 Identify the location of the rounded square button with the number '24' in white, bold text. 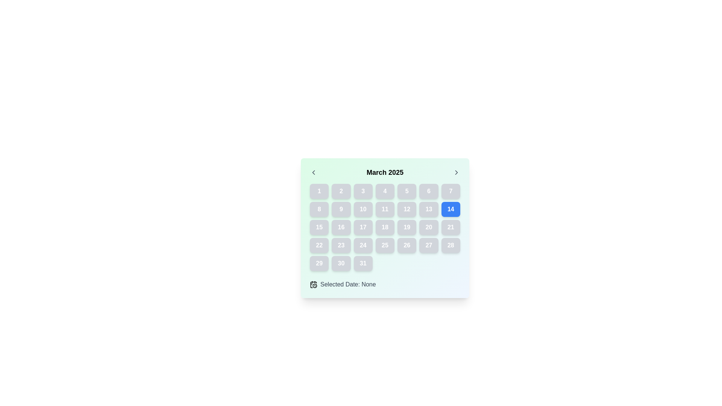
(363, 245).